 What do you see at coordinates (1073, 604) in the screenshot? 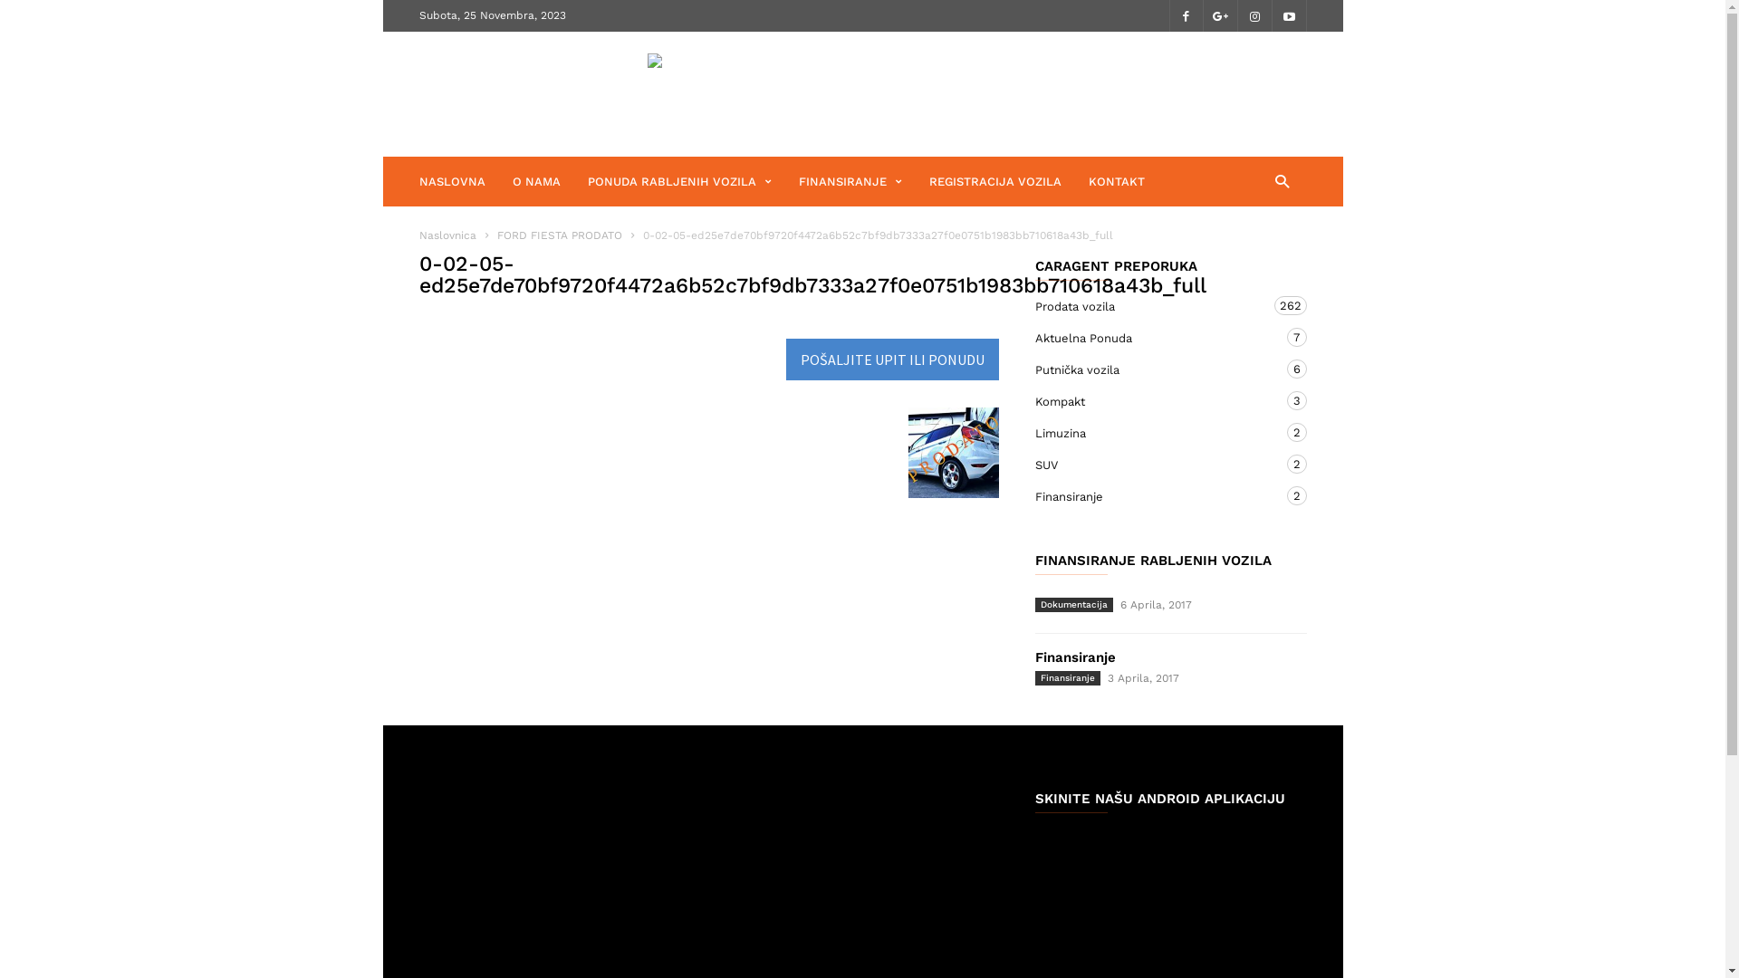
I see `'Dokumentacija'` at bounding box center [1073, 604].